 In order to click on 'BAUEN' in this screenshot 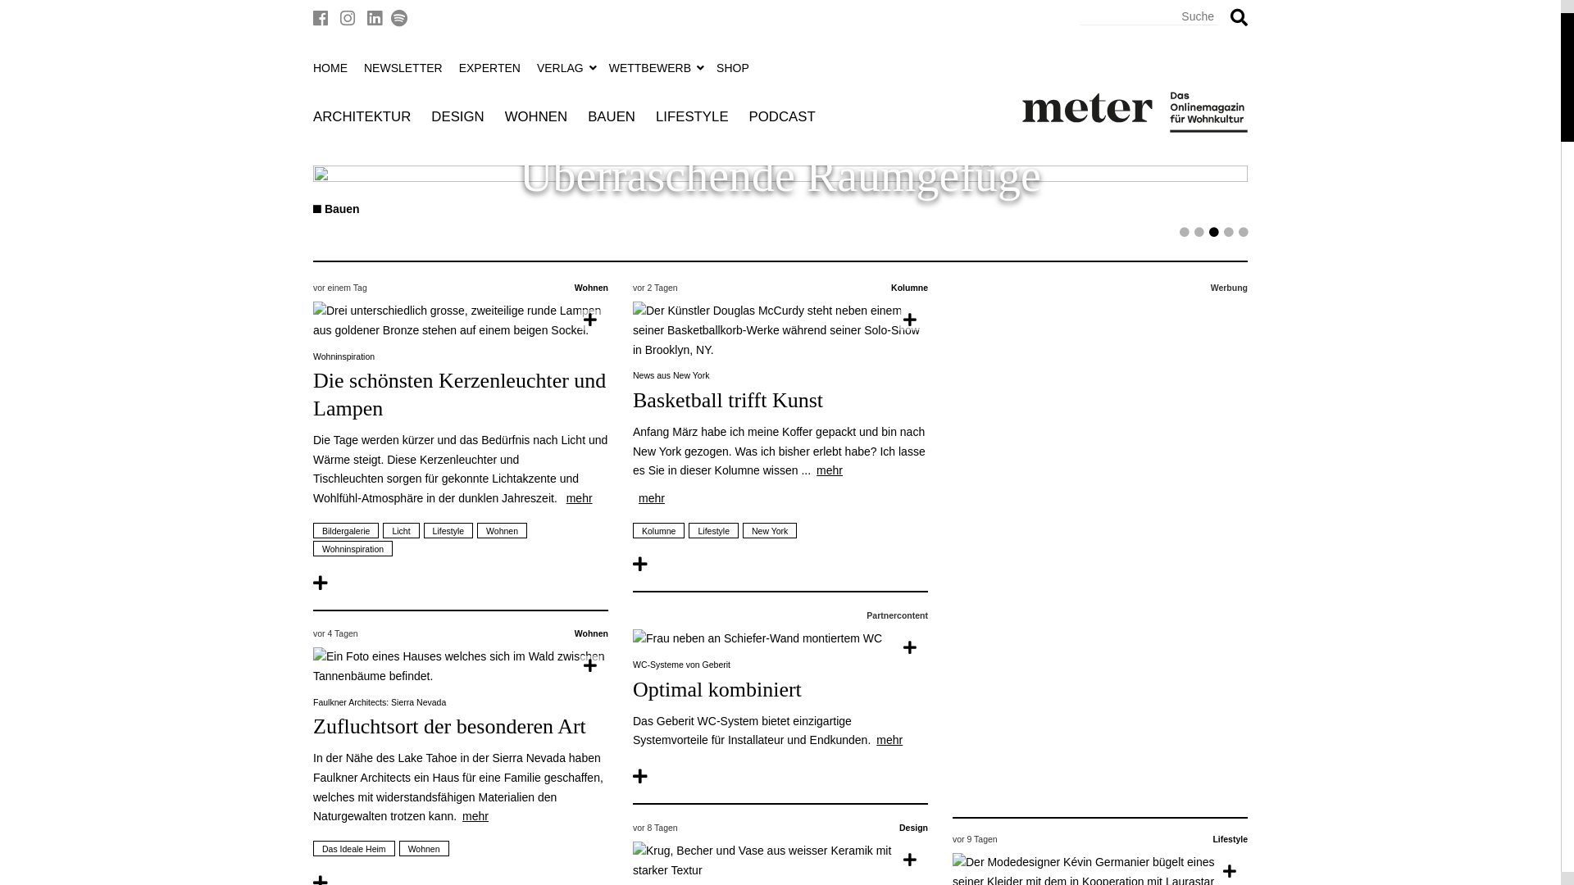, I will do `click(610, 116)`.